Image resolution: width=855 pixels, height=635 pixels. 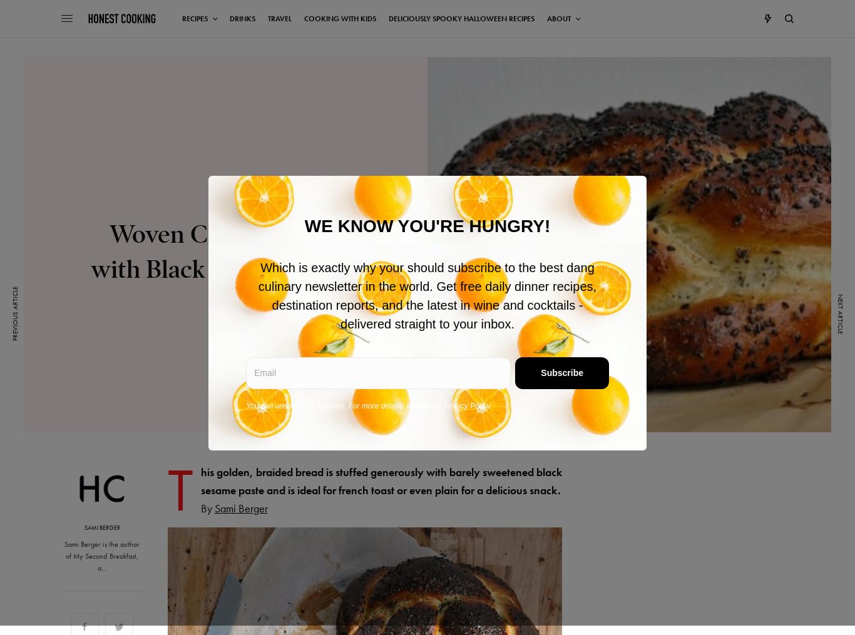 I want to click on 'Cooking with Kids', so click(x=304, y=18).